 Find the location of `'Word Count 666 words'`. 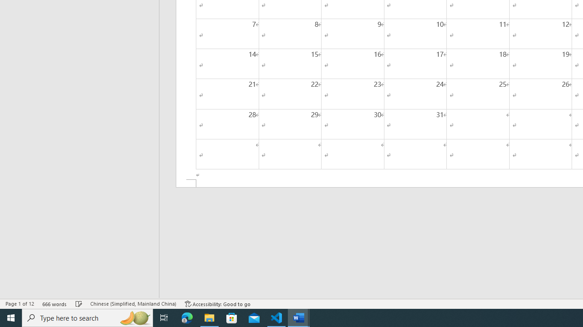

'Word Count 666 words' is located at coordinates (54, 304).